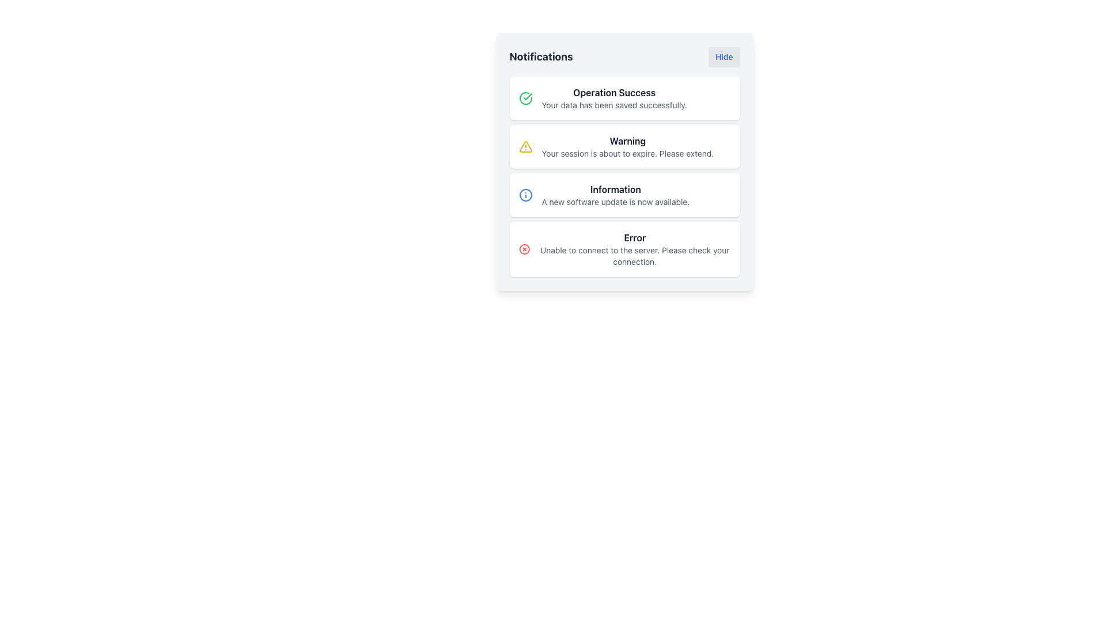 Image resolution: width=1106 pixels, height=622 pixels. What do you see at coordinates (627, 141) in the screenshot?
I see `text label displaying 'Warning' in bold font, located in the second notification message of the notification panel` at bounding box center [627, 141].